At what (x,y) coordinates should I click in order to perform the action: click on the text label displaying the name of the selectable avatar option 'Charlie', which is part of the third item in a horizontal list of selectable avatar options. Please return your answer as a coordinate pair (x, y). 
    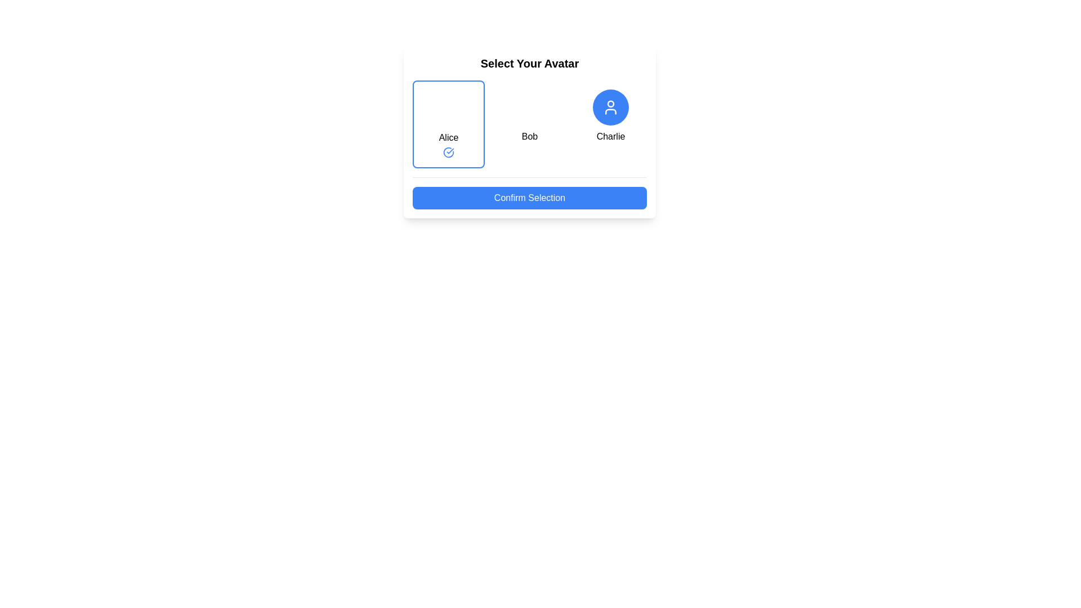
    Looking at the image, I should click on (610, 136).